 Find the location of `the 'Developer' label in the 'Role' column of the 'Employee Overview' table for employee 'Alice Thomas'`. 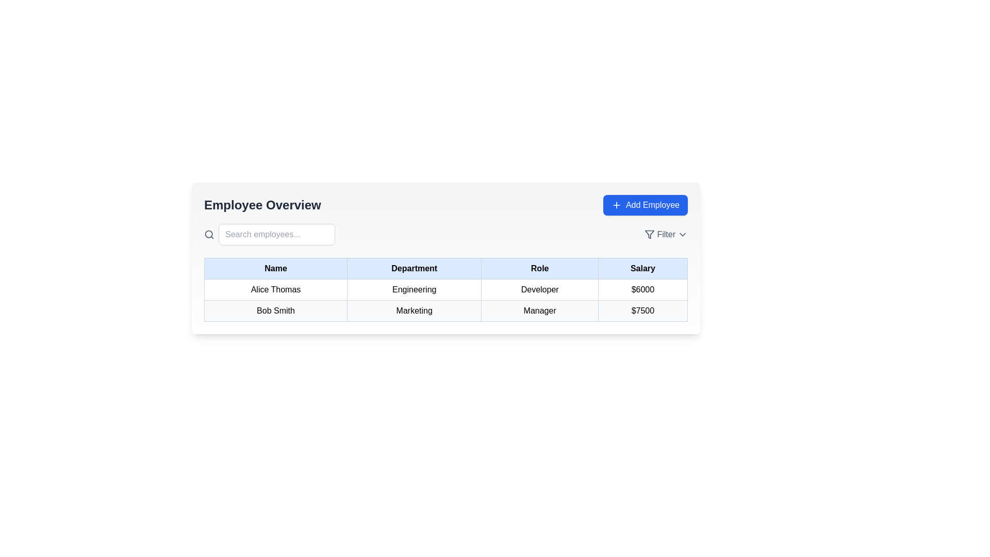

the 'Developer' label in the 'Role' column of the 'Employee Overview' table for employee 'Alice Thomas' is located at coordinates (539, 290).